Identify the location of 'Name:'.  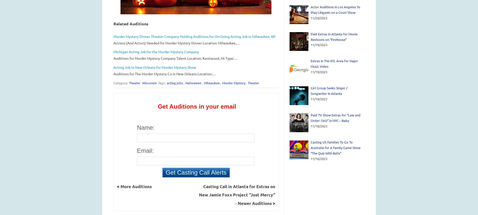
(137, 127).